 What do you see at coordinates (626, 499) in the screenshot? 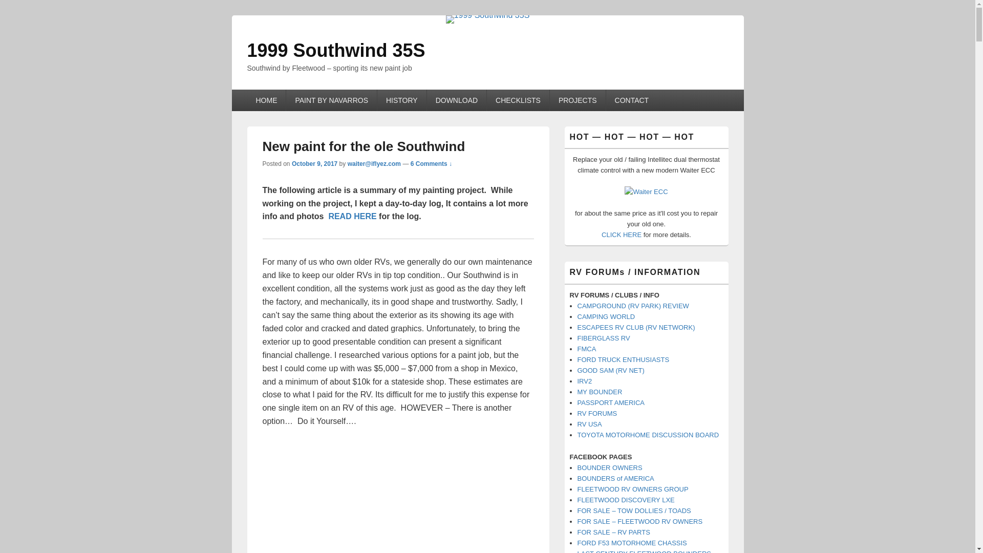
I see `'FLEETWOOD DISCOVERY LXE'` at bounding box center [626, 499].